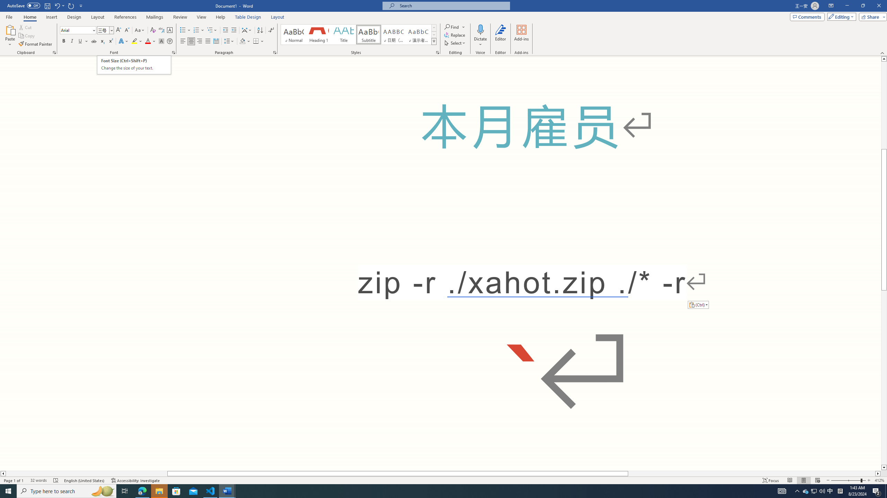 The width and height of the screenshot is (887, 498). Describe the element at coordinates (56, 480) in the screenshot. I see `'Spelling and Grammar Check Errors'` at that location.